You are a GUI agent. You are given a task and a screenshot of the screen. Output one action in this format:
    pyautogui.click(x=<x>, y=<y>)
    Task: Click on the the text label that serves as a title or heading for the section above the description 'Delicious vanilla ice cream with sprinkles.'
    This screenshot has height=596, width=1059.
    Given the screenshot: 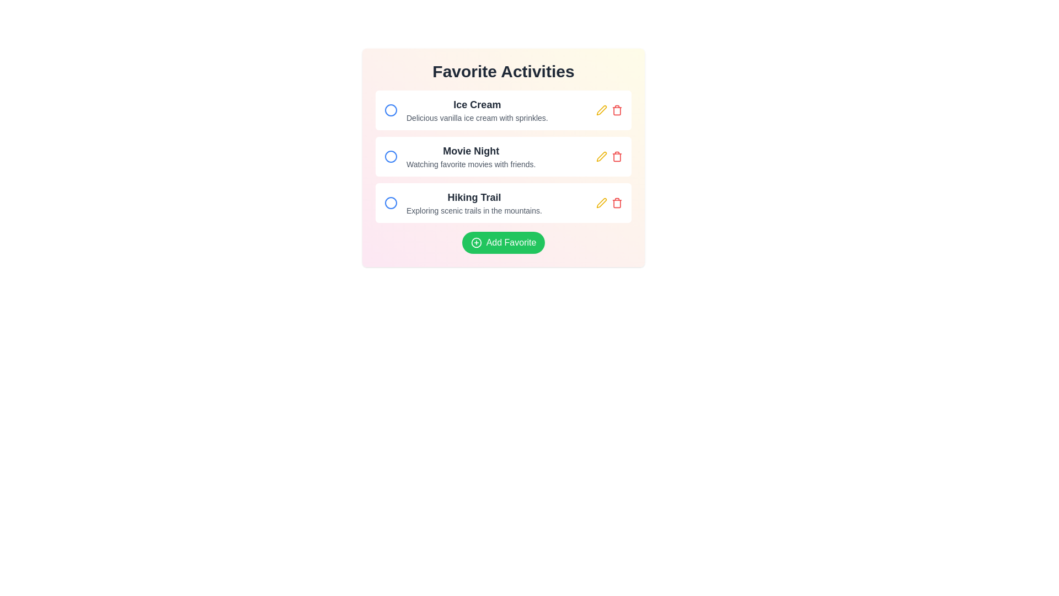 What is the action you would take?
    pyautogui.click(x=477, y=104)
    